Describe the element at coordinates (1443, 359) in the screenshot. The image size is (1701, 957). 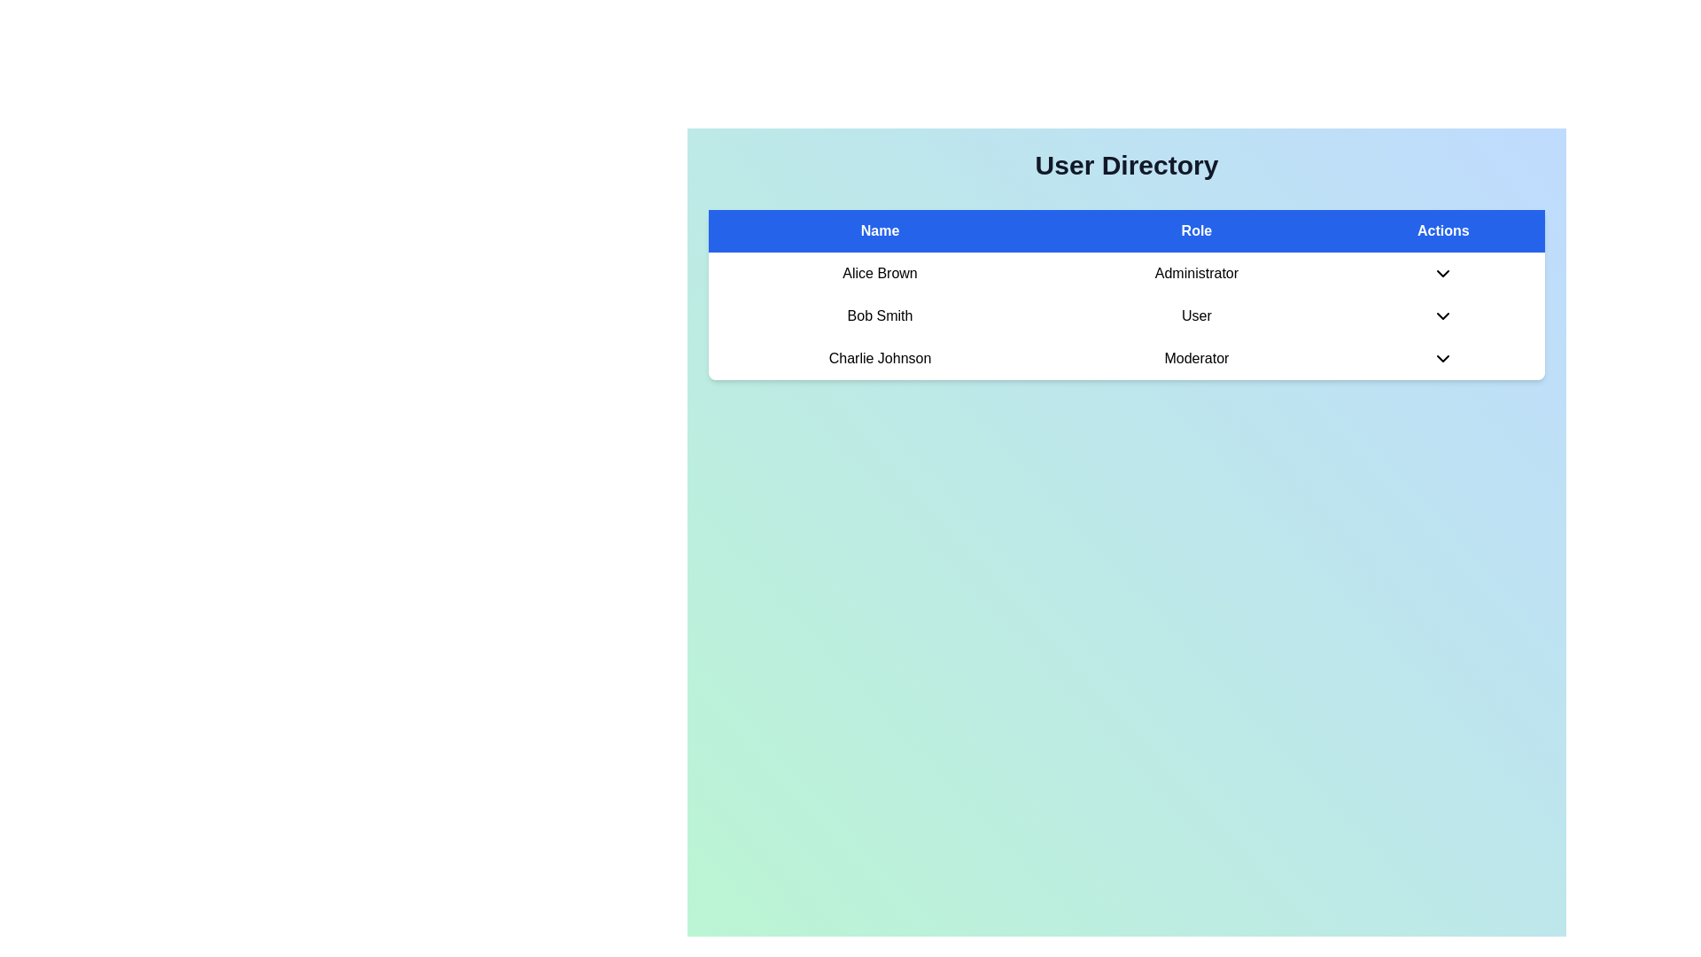
I see `the dropdown trigger with a downwards-pointing chevron icon in the 'Actions' column for 'Charlie Johnson'` at that location.